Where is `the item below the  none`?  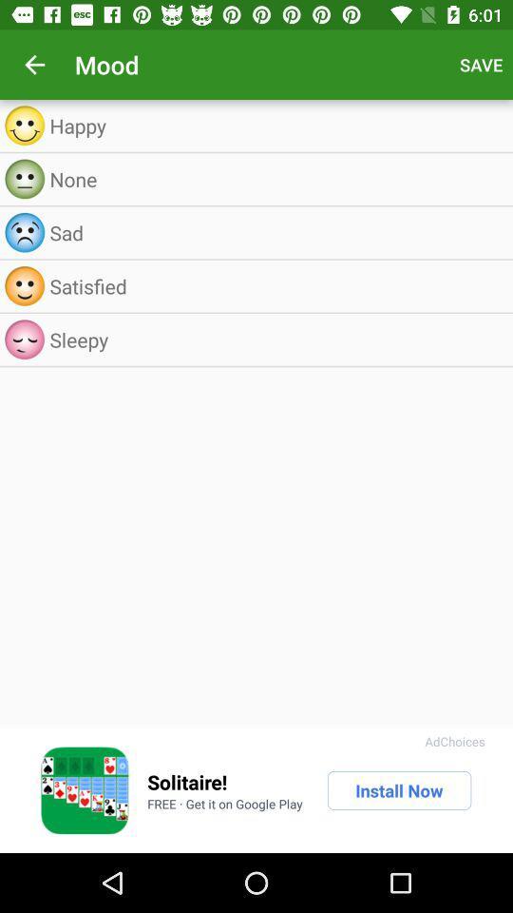
the item below the  none is located at coordinates (275, 231).